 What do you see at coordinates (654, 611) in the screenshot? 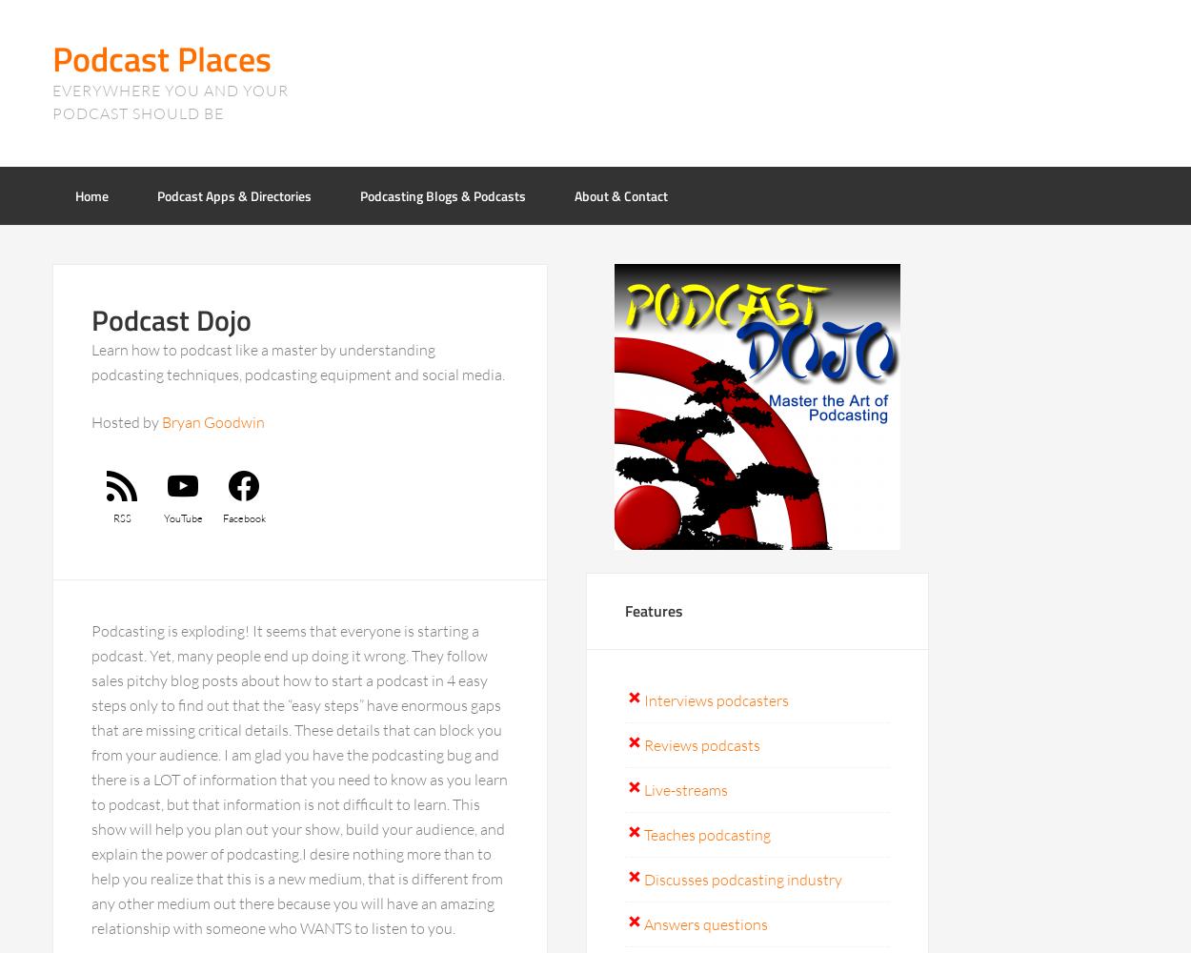
I see `'Features'` at bounding box center [654, 611].